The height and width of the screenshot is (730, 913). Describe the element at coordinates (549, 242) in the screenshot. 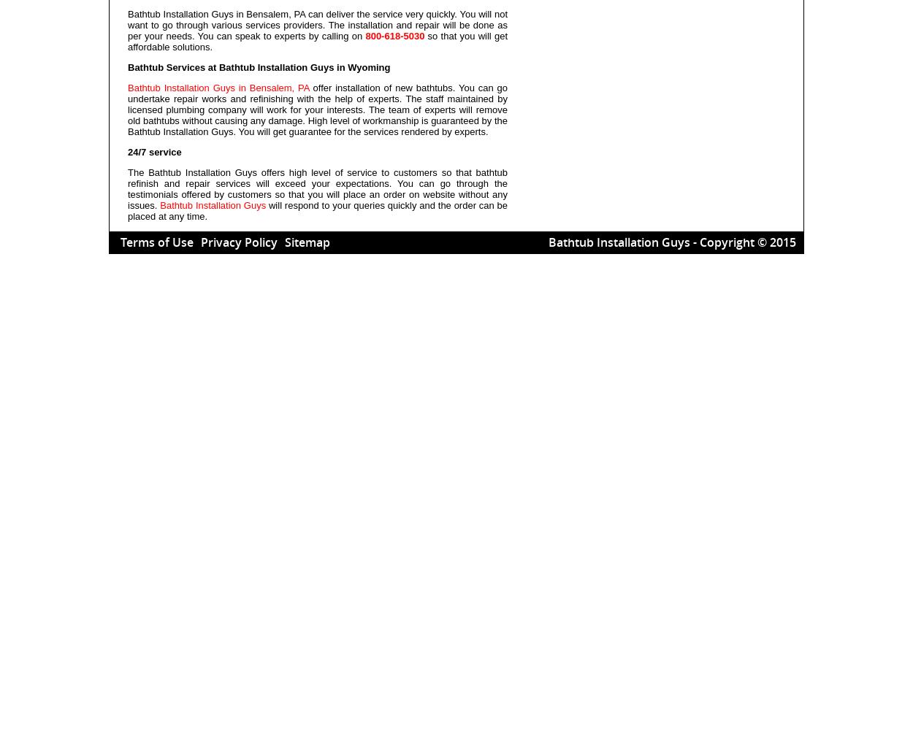

I see `'Bathtub Installation Guys - Copyright © 2015'` at that location.